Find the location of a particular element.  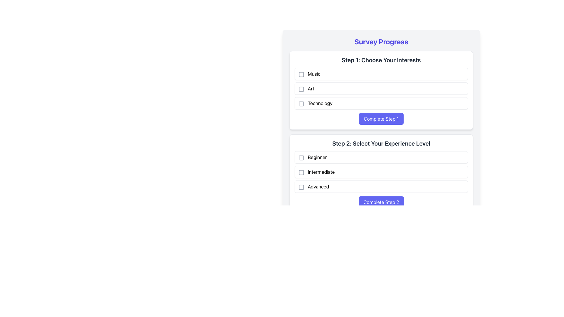

the checkbox for the 'Beginner' option in the selection item under 'Step 2: Select Your Experience Level.' is located at coordinates (381, 157).